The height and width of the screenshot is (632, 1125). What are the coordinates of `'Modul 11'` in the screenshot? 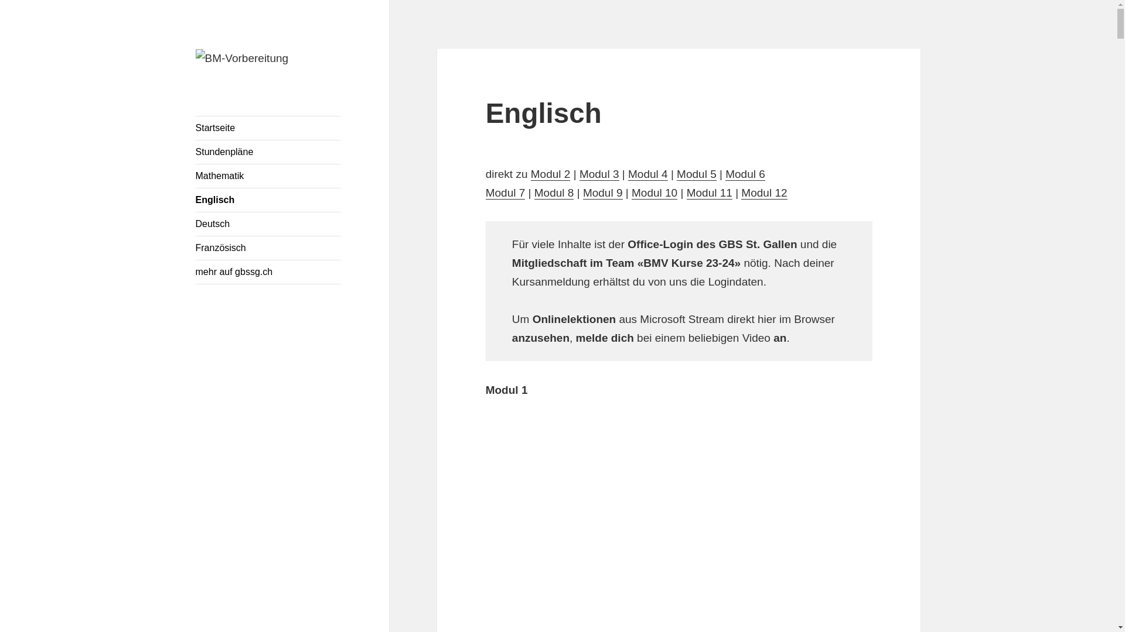 It's located at (708, 193).